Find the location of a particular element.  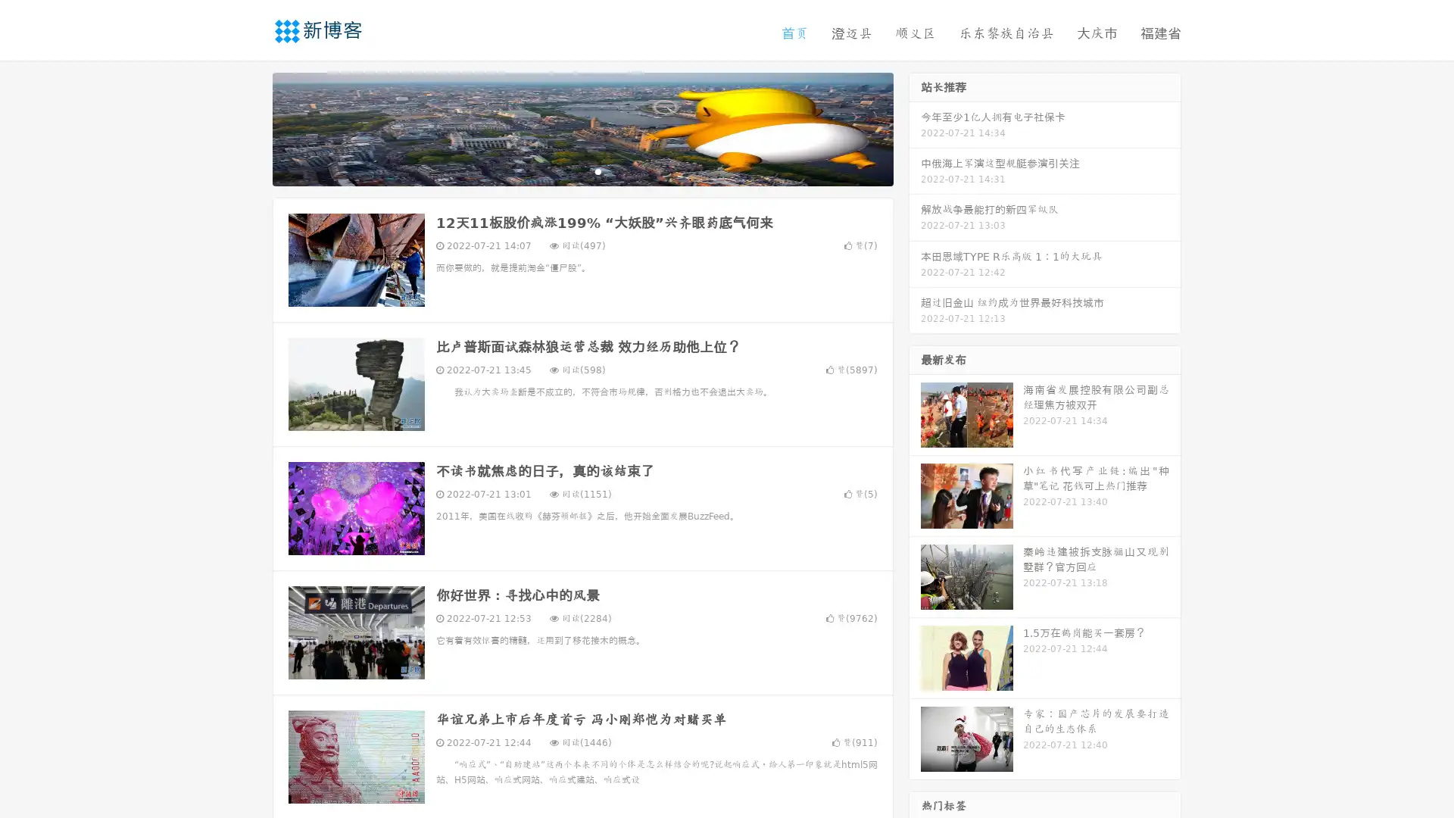

Go to slide 2 is located at coordinates (582, 170).